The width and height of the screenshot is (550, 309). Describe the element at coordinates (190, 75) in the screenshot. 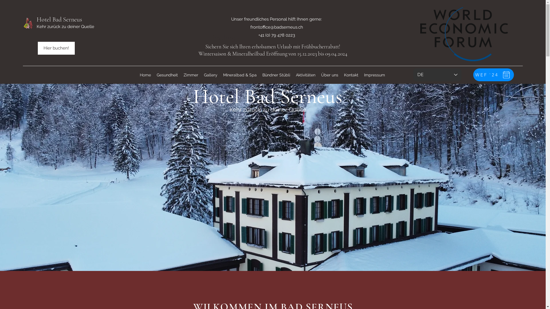

I see `'Zimmer'` at that location.